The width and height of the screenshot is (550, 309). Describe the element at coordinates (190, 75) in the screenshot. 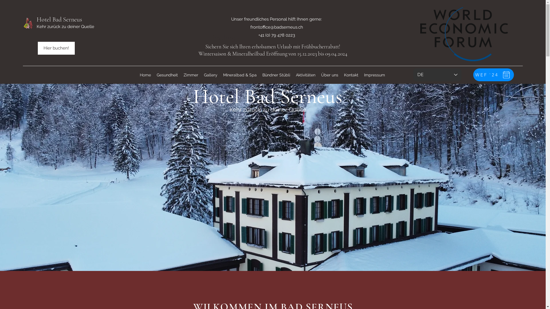

I see `'Zimmer'` at that location.